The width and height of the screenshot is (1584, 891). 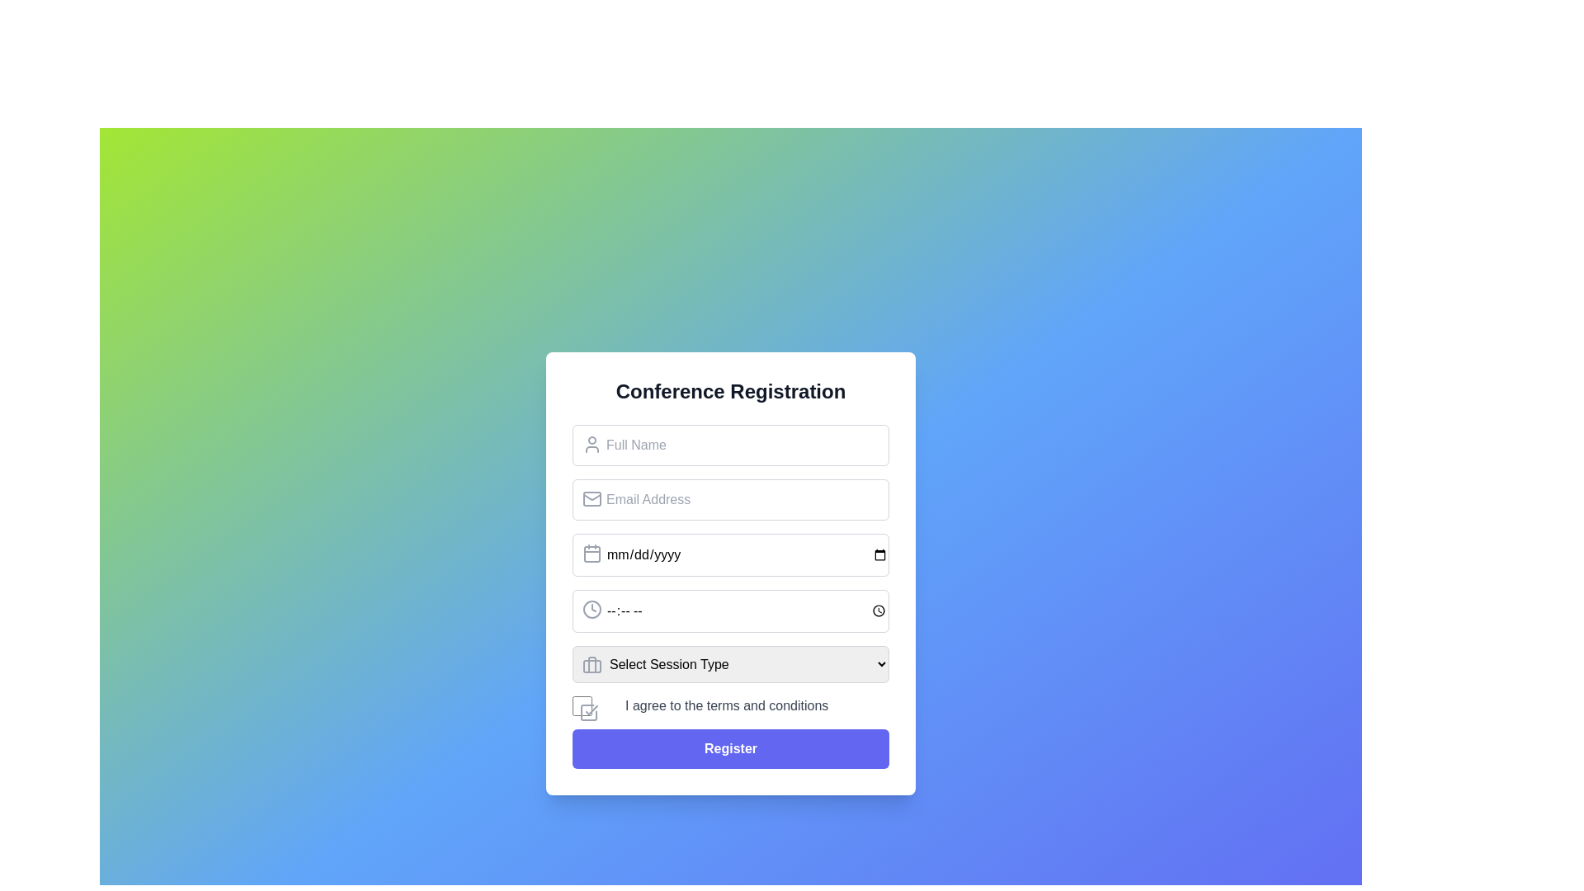 What do you see at coordinates (592, 495) in the screenshot?
I see `the email input type indicator icon located to the left of the email address input box to trigger a visual change` at bounding box center [592, 495].